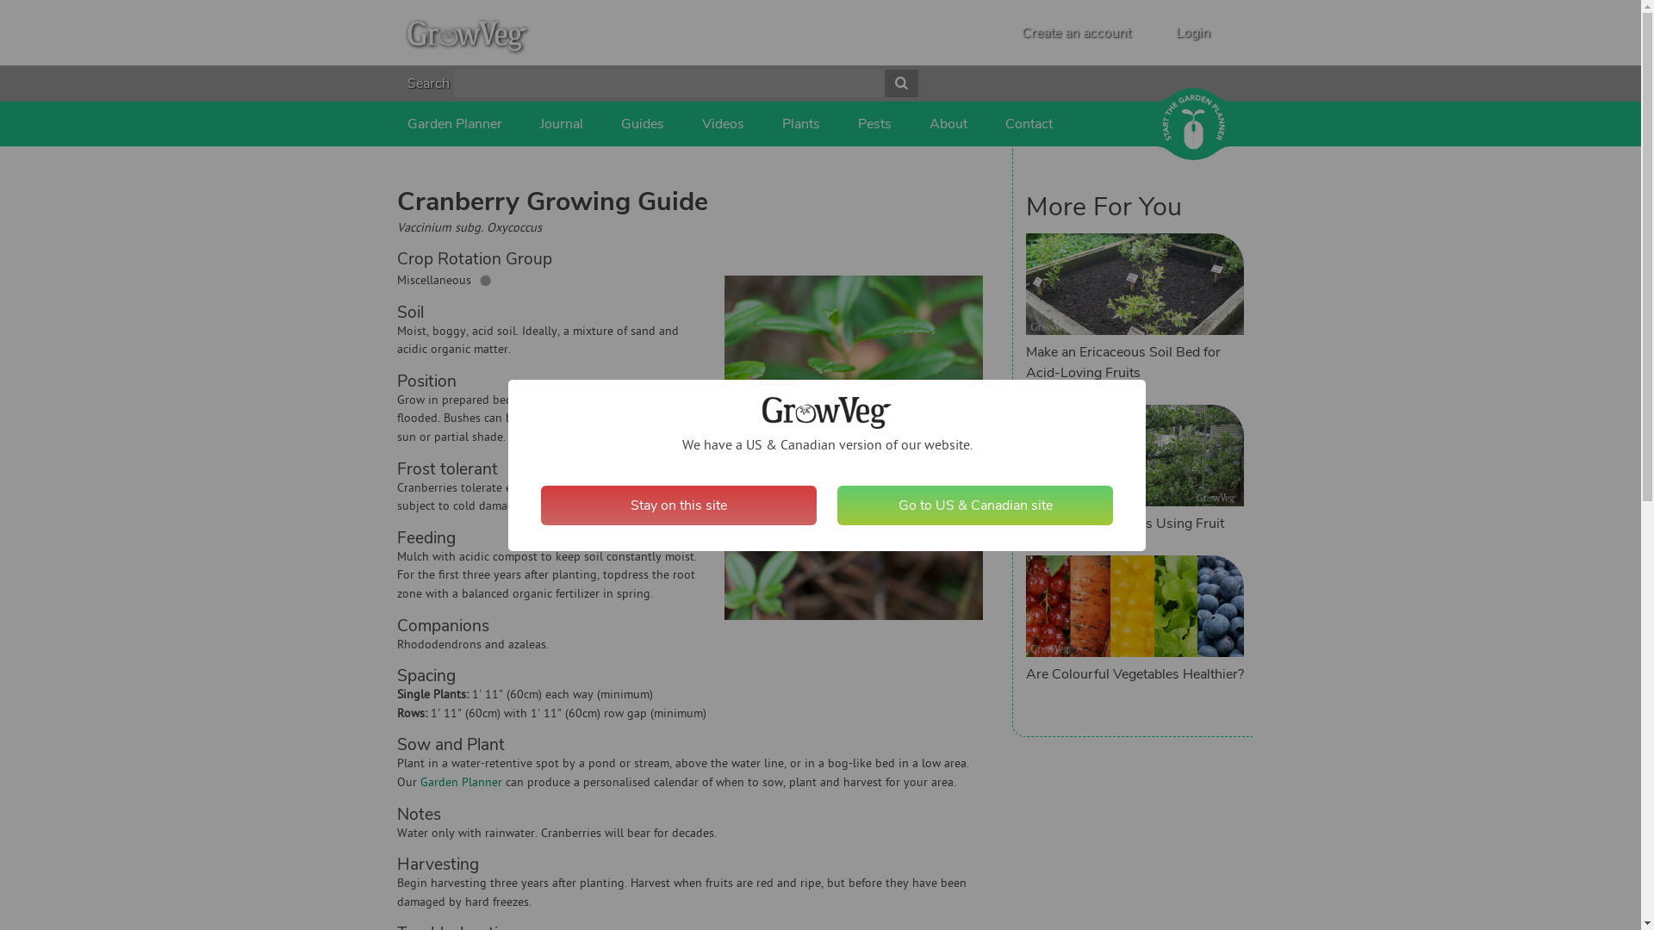  Describe the element at coordinates (874, 122) in the screenshot. I see `'Pests'` at that location.